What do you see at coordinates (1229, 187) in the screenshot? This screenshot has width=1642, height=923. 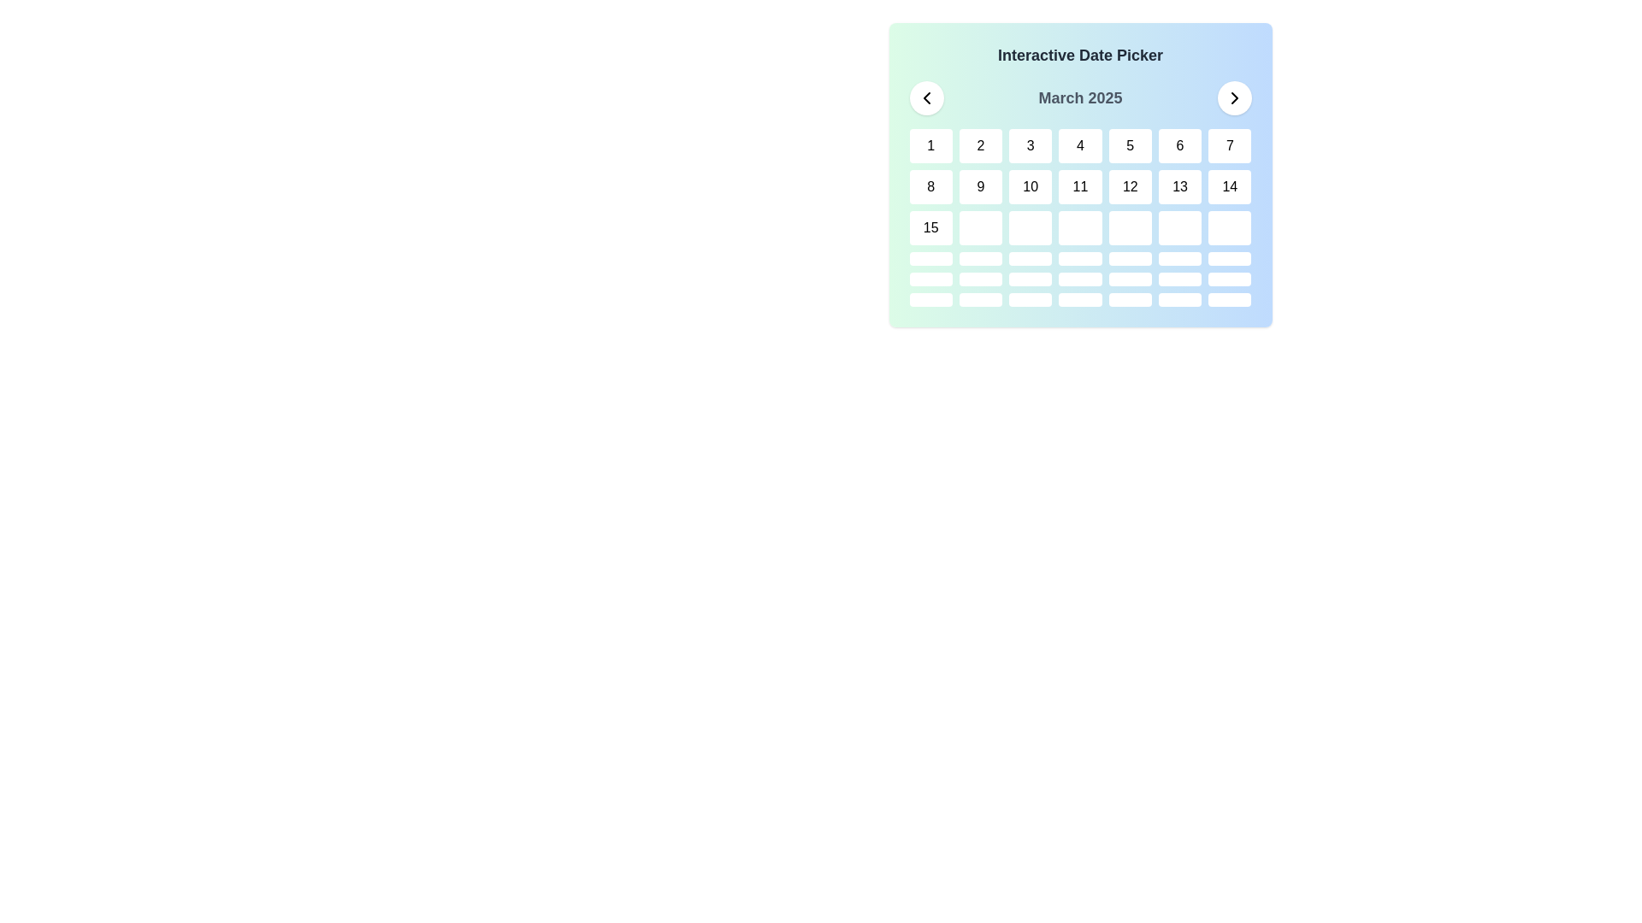 I see `the button representing the 14th day of the month in the calendar` at bounding box center [1229, 187].